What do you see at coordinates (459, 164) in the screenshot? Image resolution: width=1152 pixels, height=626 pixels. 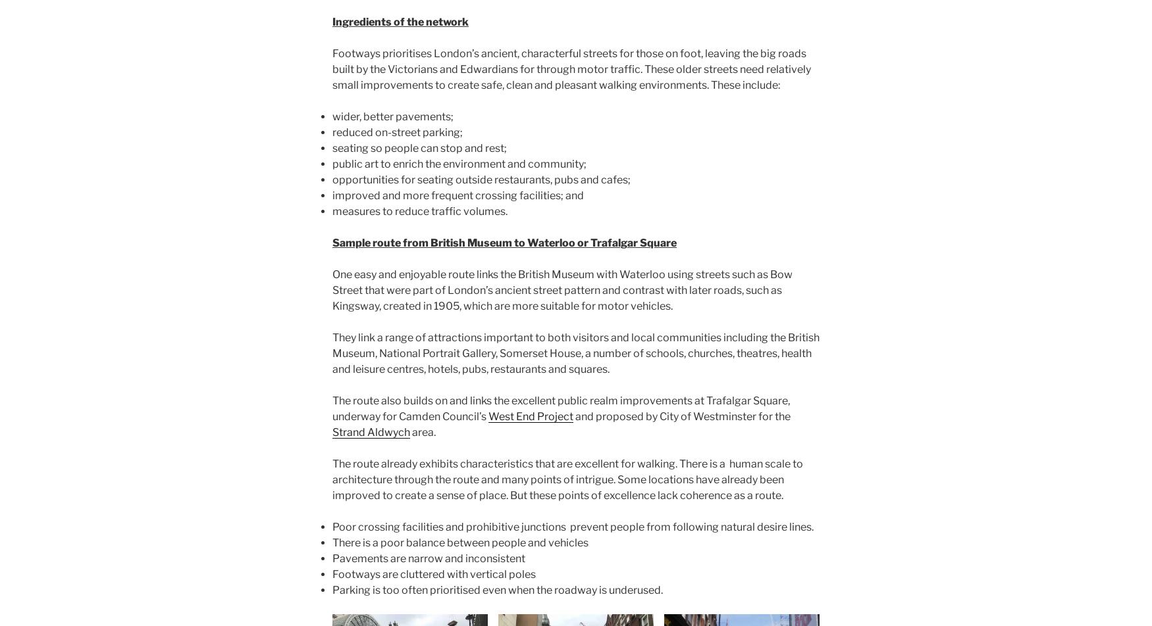 I see `'public art to enrich the environment and community;'` at bounding box center [459, 164].